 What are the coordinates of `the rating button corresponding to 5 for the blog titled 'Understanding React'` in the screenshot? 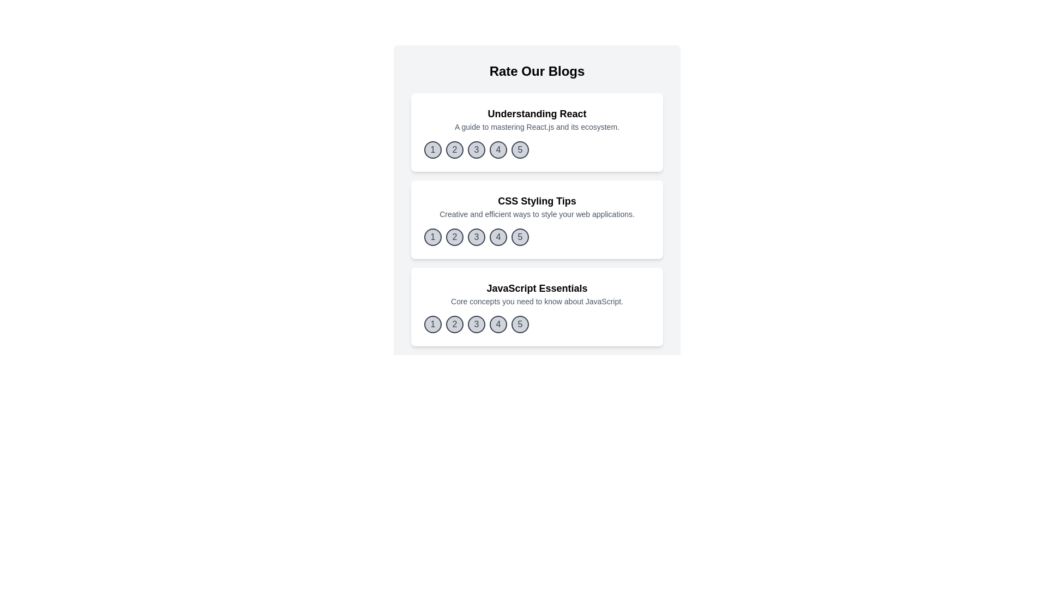 It's located at (520, 149).